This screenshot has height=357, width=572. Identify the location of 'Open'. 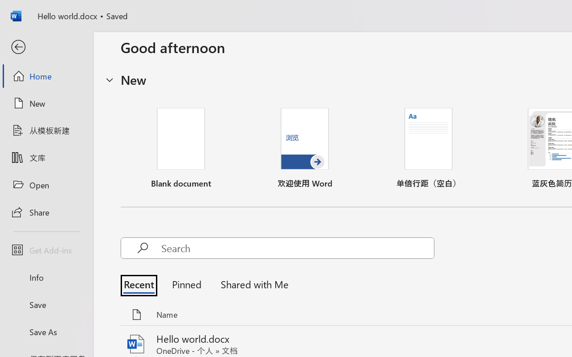
(46, 185).